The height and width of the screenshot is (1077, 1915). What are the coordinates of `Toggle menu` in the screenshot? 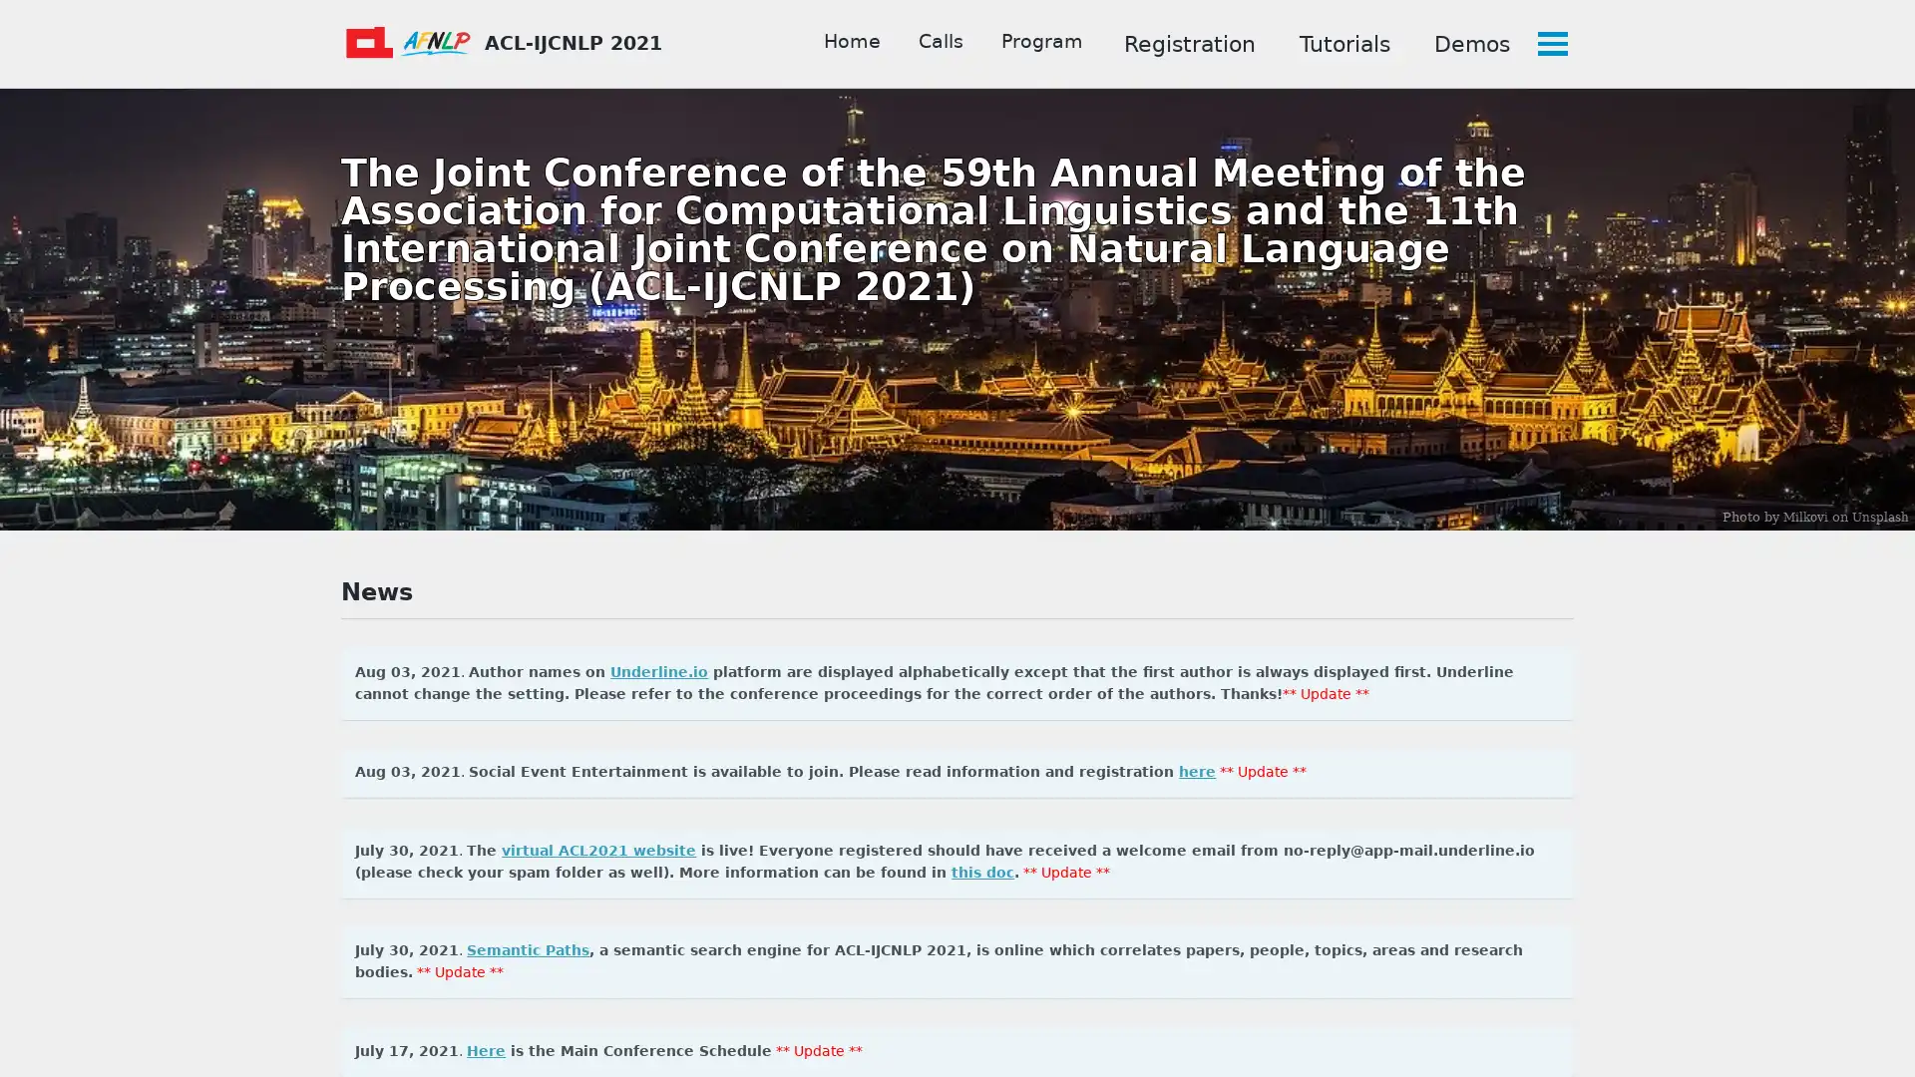 It's located at (1550, 43).